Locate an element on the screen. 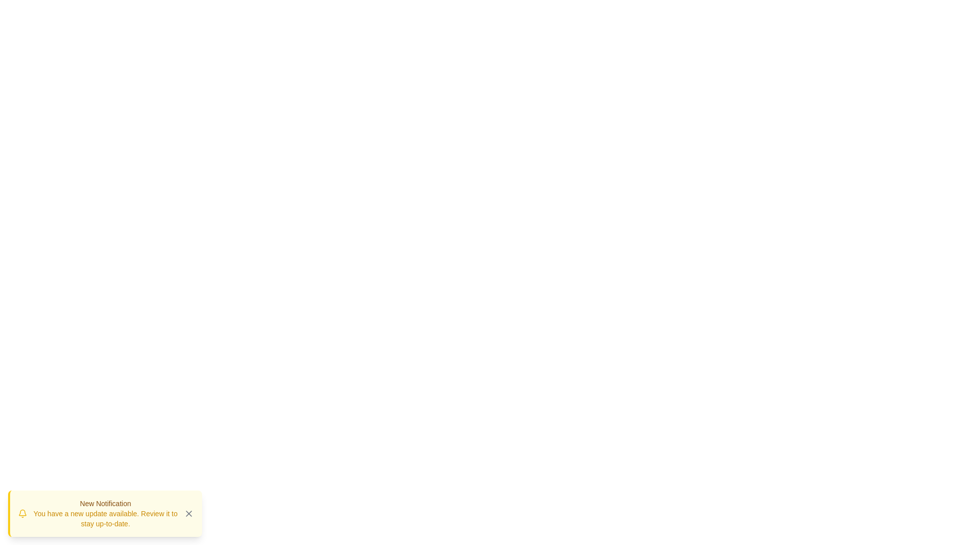 The image size is (970, 545). notification displayed in the notification panel with a yellow background and a close button marked with an 'X' is located at coordinates (105, 514).